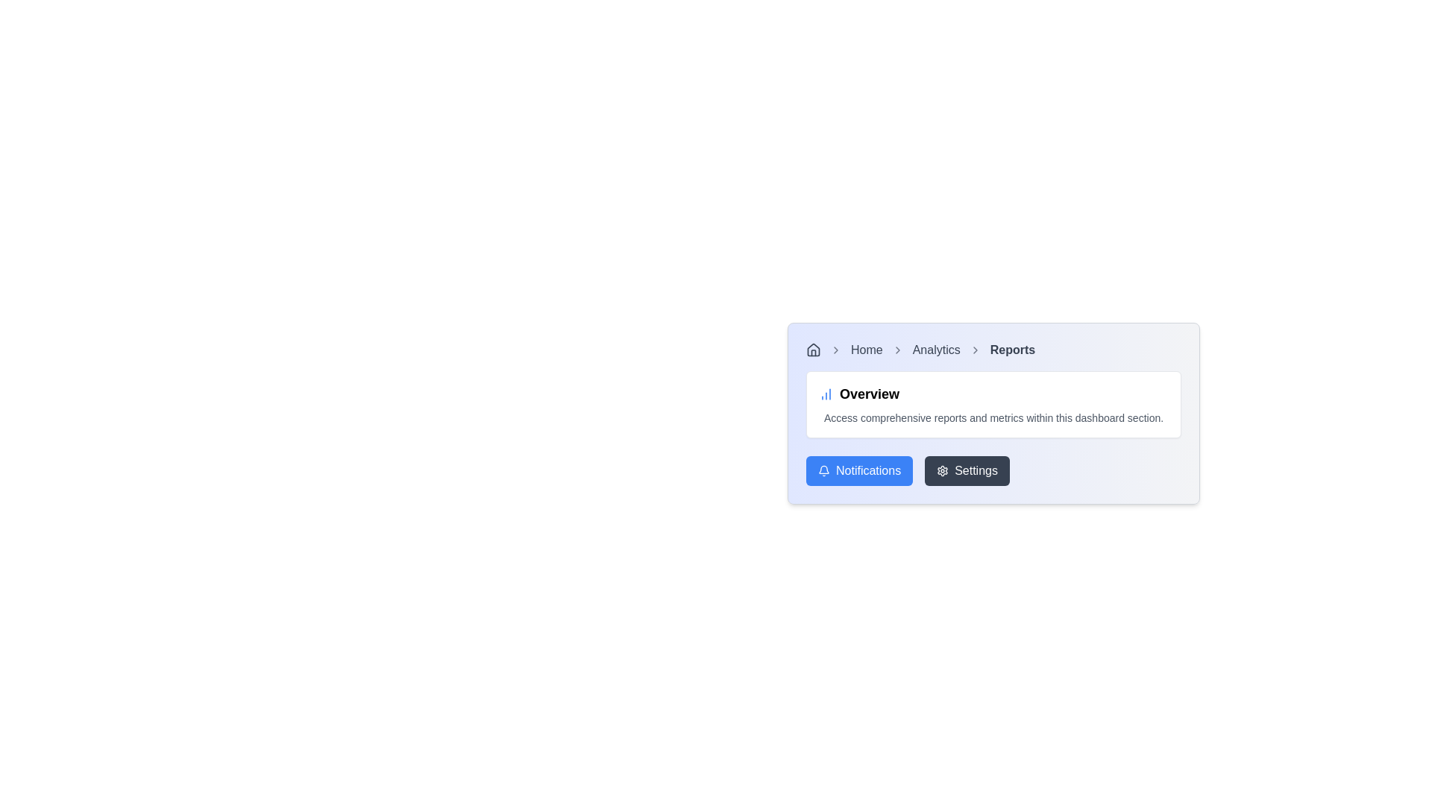 The height and width of the screenshot is (805, 1432). Describe the element at coordinates (993, 471) in the screenshot. I see `the settings button located to the right of the blue 'Notifications' button in the lower part of the card-like section` at that location.